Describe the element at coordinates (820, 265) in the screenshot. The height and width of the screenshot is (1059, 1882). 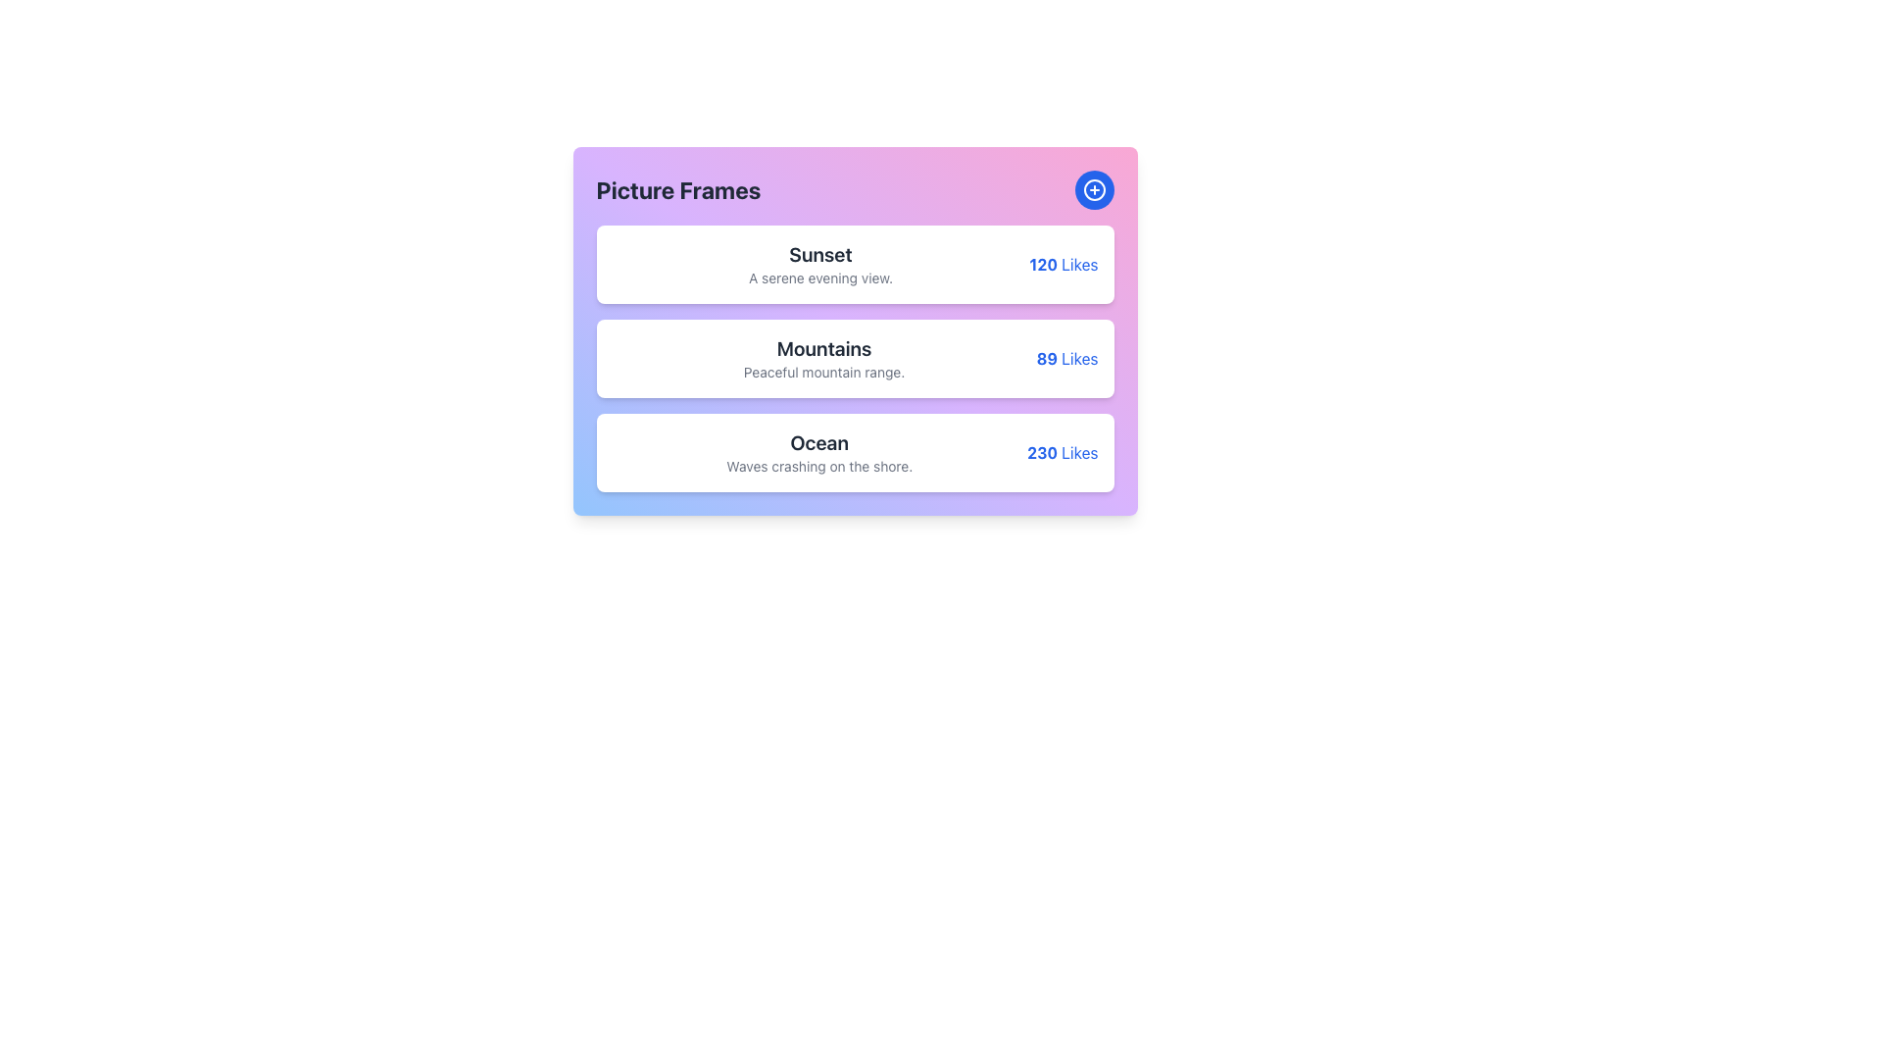
I see `the Composite Text Element that describes the item titled 'Sunset', located in the top section of a vertically aligned list with a white background and rounded corners` at that location.